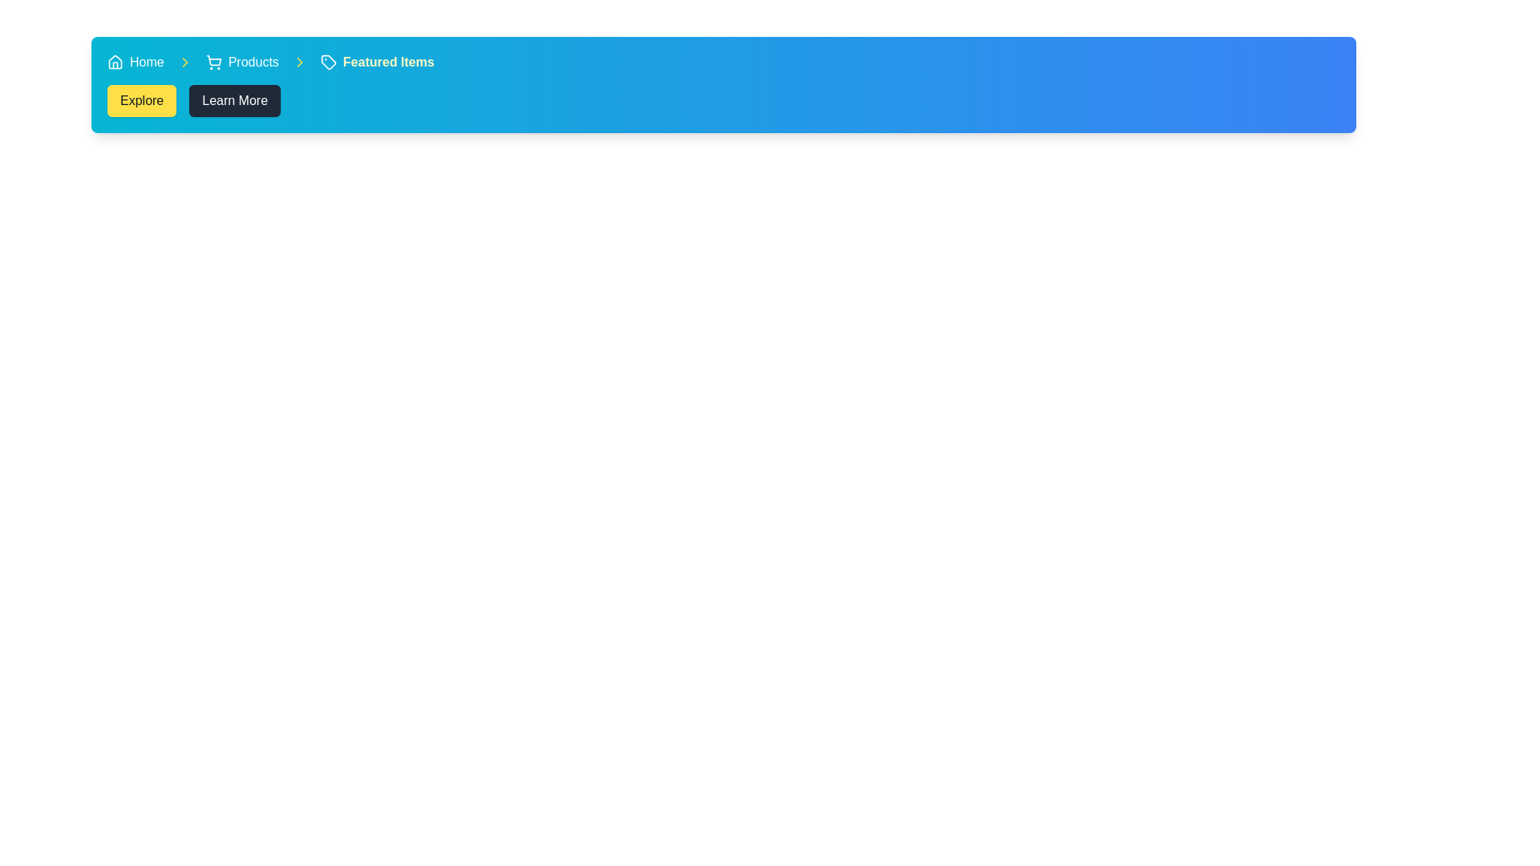  I want to click on the Chevron icon in the breadcrumb navigation bar, which separates 'Products' and 'Featured Items', to interact indirectly by clicking related breadcrumb text, so click(184, 61).